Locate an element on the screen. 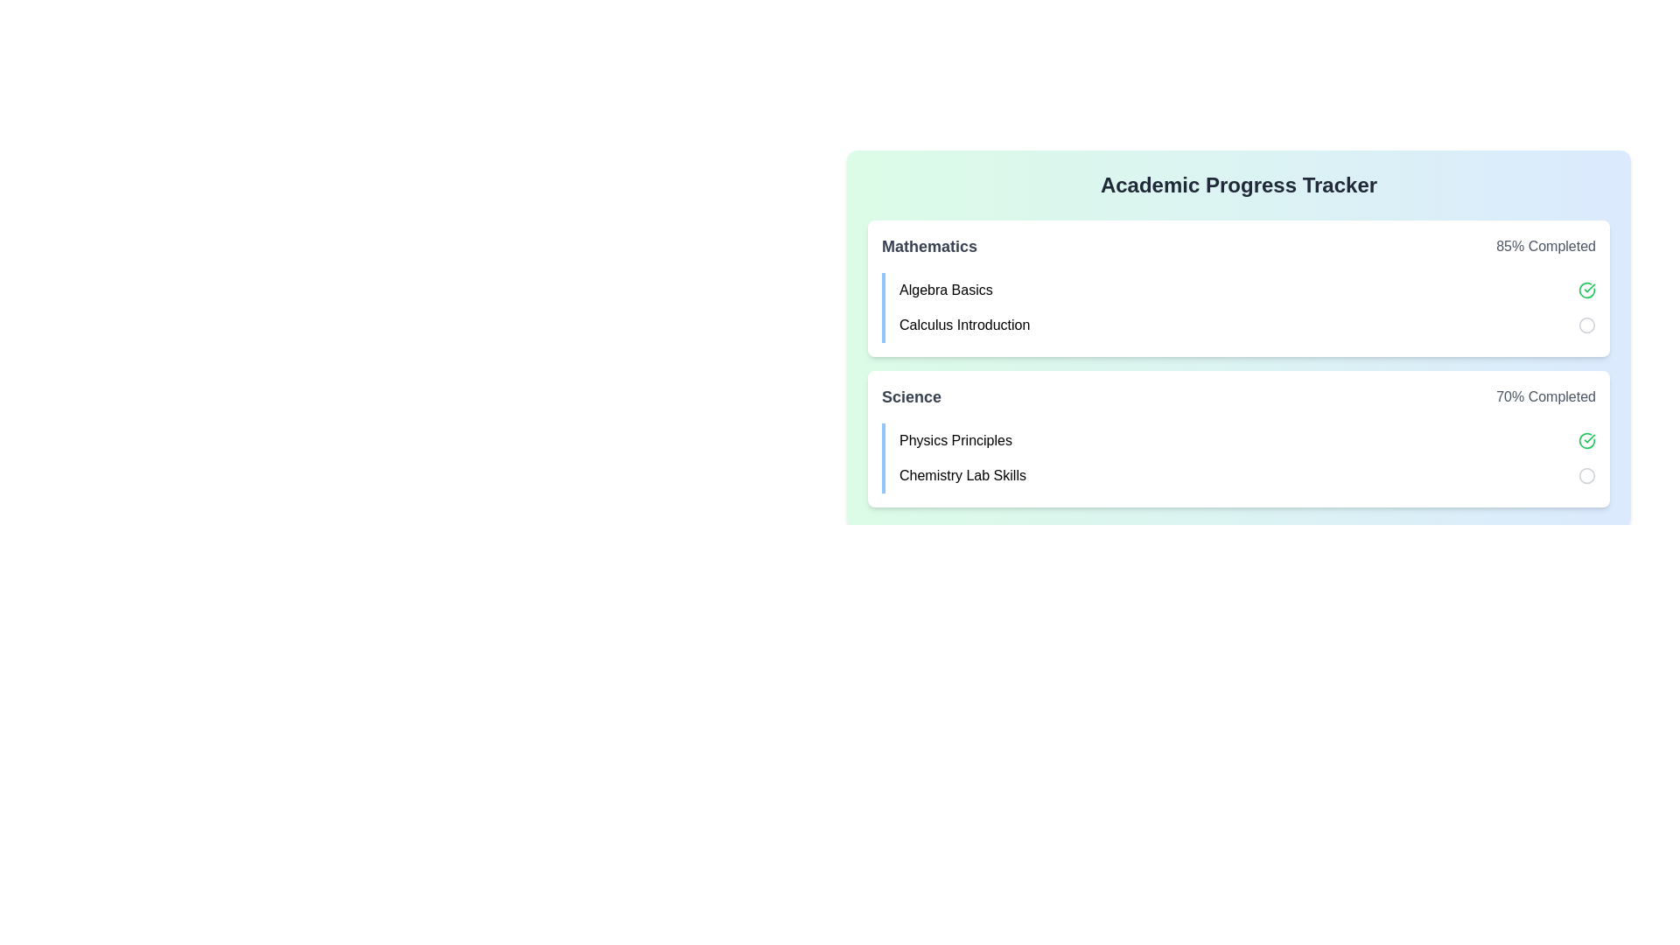 This screenshot has height=945, width=1680. the circular icon with a check mark, styled in green, which indicates completion or success, located to the far right of the 'Algebra Basics' text is located at coordinates (1587, 289).